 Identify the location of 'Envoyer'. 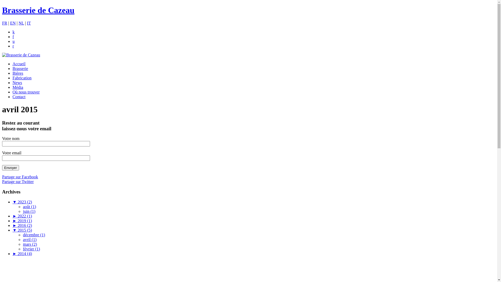
(10, 168).